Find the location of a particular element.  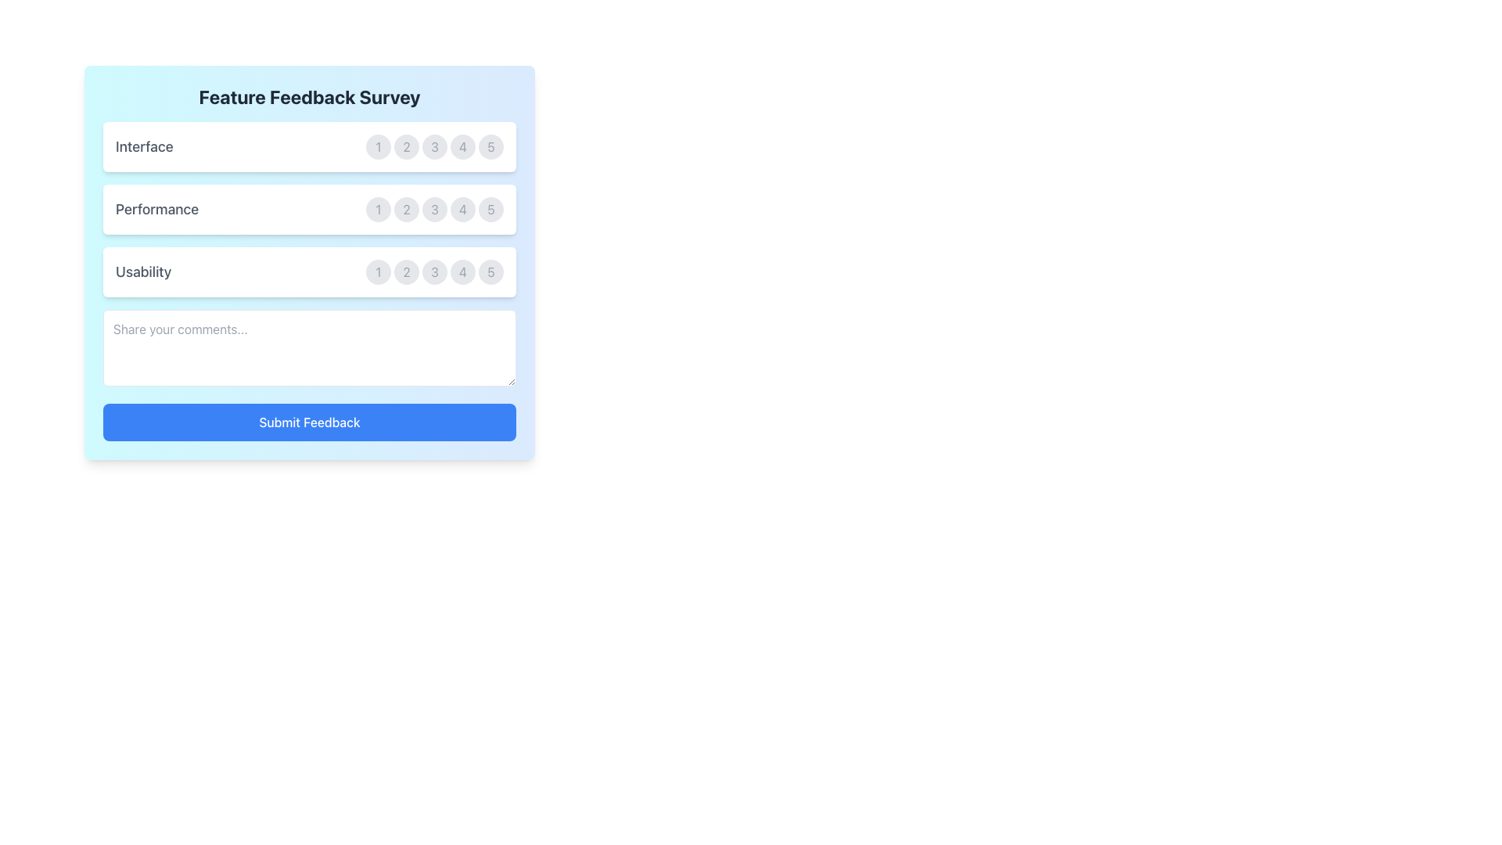

text content of the prominent title text 'Feature Feedback Survey' located at the top of the survey form interface is located at coordinates (309, 96).